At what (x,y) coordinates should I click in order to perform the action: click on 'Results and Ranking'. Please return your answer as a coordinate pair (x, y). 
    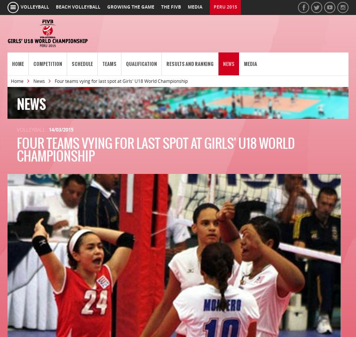
    Looking at the image, I should click on (190, 64).